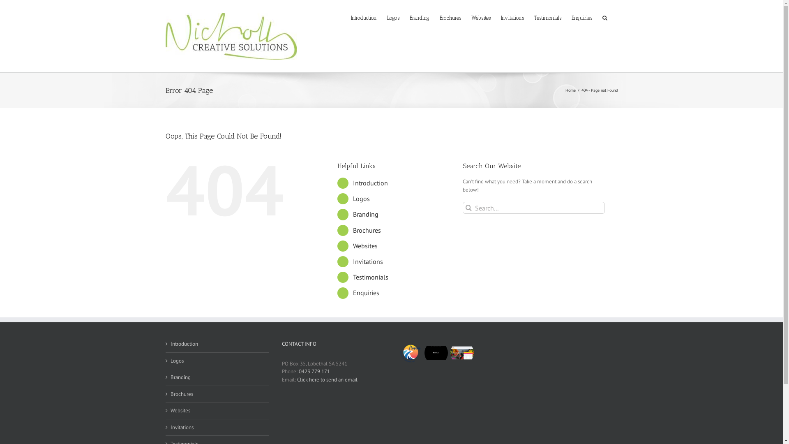 Image resolution: width=789 pixels, height=444 pixels. Describe the element at coordinates (605, 17) in the screenshot. I see `'Search'` at that location.